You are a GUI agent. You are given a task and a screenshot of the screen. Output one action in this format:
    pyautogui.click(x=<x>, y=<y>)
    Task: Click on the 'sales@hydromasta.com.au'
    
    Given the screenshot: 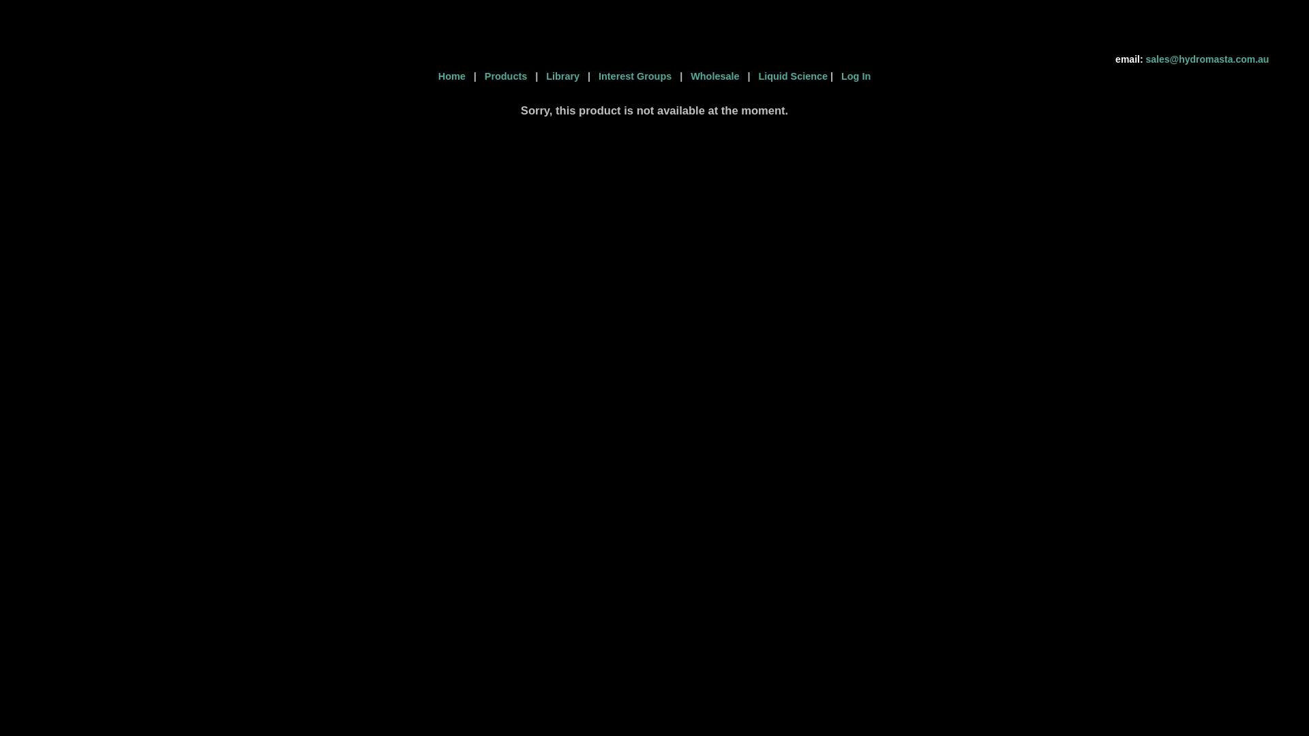 What is the action you would take?
    pyautogui.click(x=1206, y=59)
    